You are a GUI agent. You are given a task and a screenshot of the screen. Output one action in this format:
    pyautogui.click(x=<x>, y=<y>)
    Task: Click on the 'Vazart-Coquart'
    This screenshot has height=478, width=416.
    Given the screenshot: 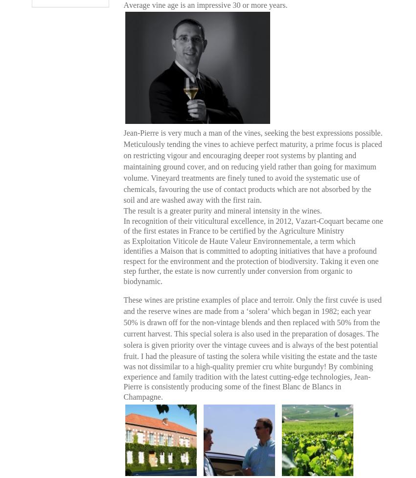 What is the action you would take?
    pyautogui.click(x=319, y=220)
    